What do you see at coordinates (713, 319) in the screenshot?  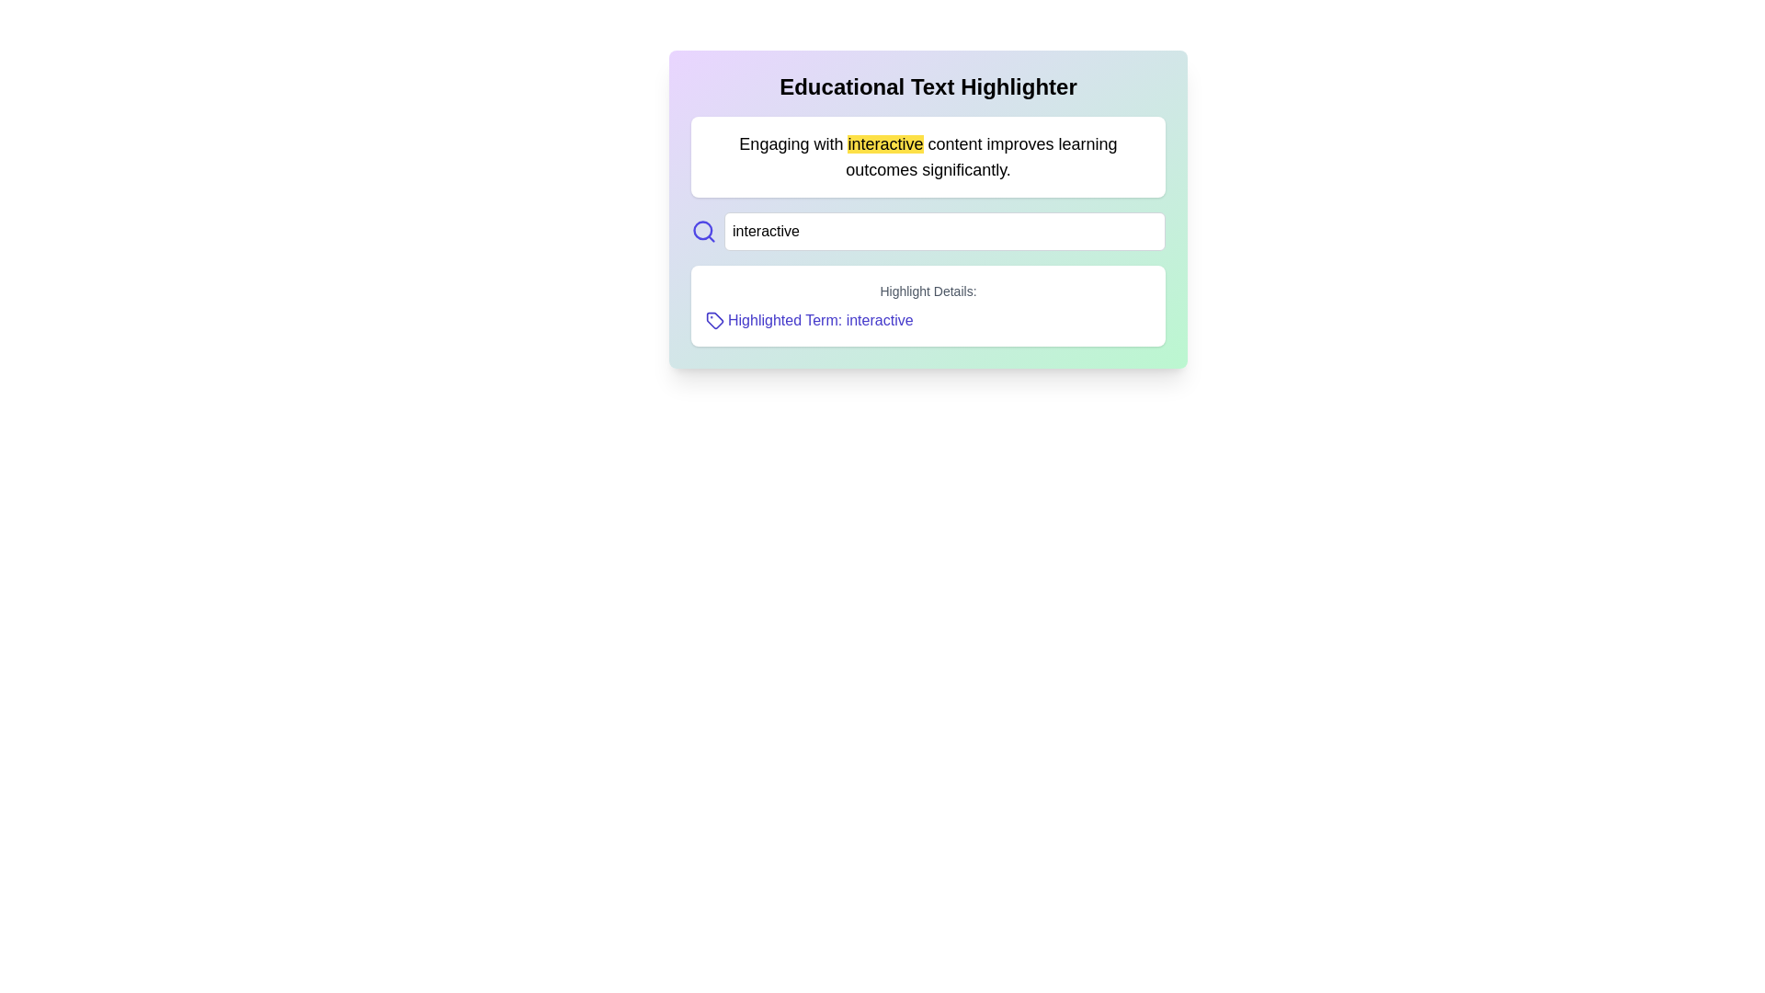 I see `the stylized tag icon located in the top-left corner of the 'Highlight Details' section, which precedes the 'Highlighted Term: interactive' text` at bounding box center [713, 319].